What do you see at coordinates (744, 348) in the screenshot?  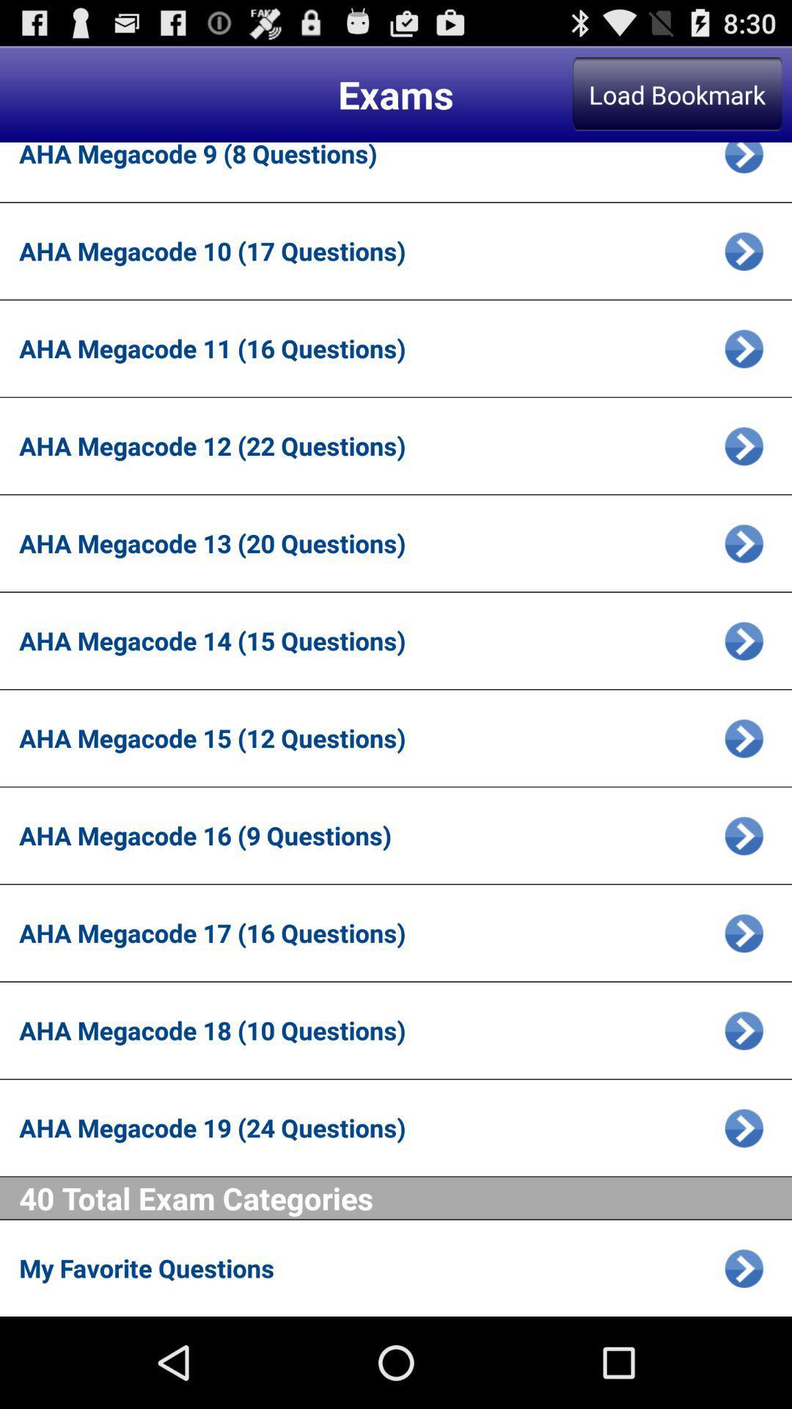 I see `exam` at bounding box center [744, 348].